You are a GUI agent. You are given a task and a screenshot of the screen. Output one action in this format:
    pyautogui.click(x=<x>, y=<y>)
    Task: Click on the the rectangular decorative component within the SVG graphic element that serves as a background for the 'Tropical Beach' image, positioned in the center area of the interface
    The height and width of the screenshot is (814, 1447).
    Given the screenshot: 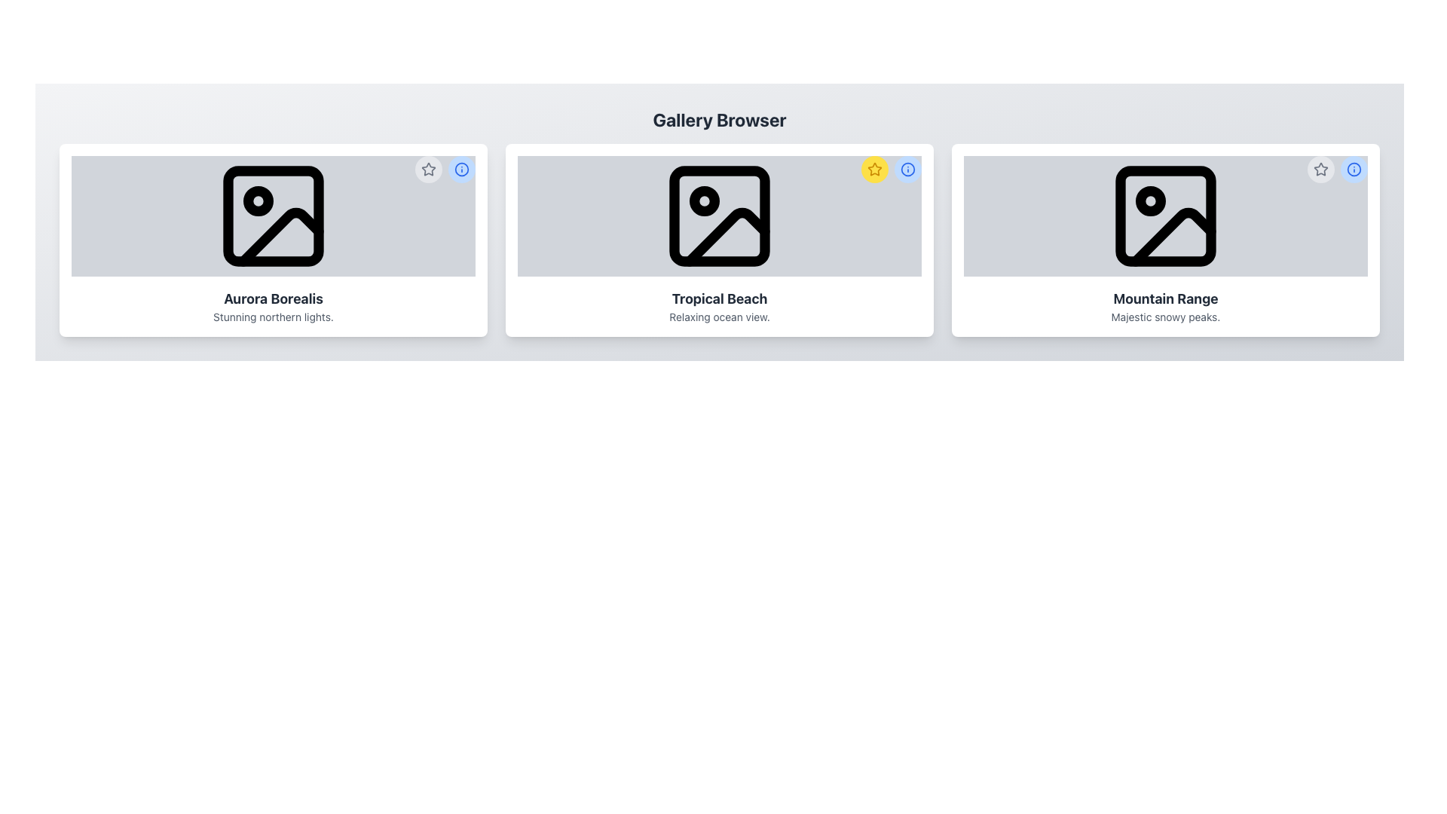 What is the action you would take?
    pyautogui.click(x=719, y=216)
    